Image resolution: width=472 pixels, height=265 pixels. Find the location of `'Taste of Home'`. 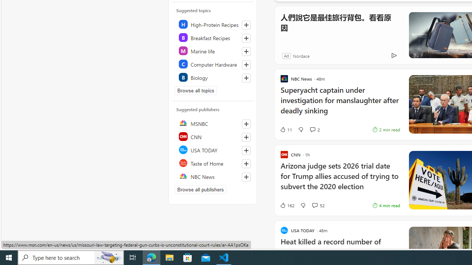

'Taste of Home' is located at coordinates (213, 163).